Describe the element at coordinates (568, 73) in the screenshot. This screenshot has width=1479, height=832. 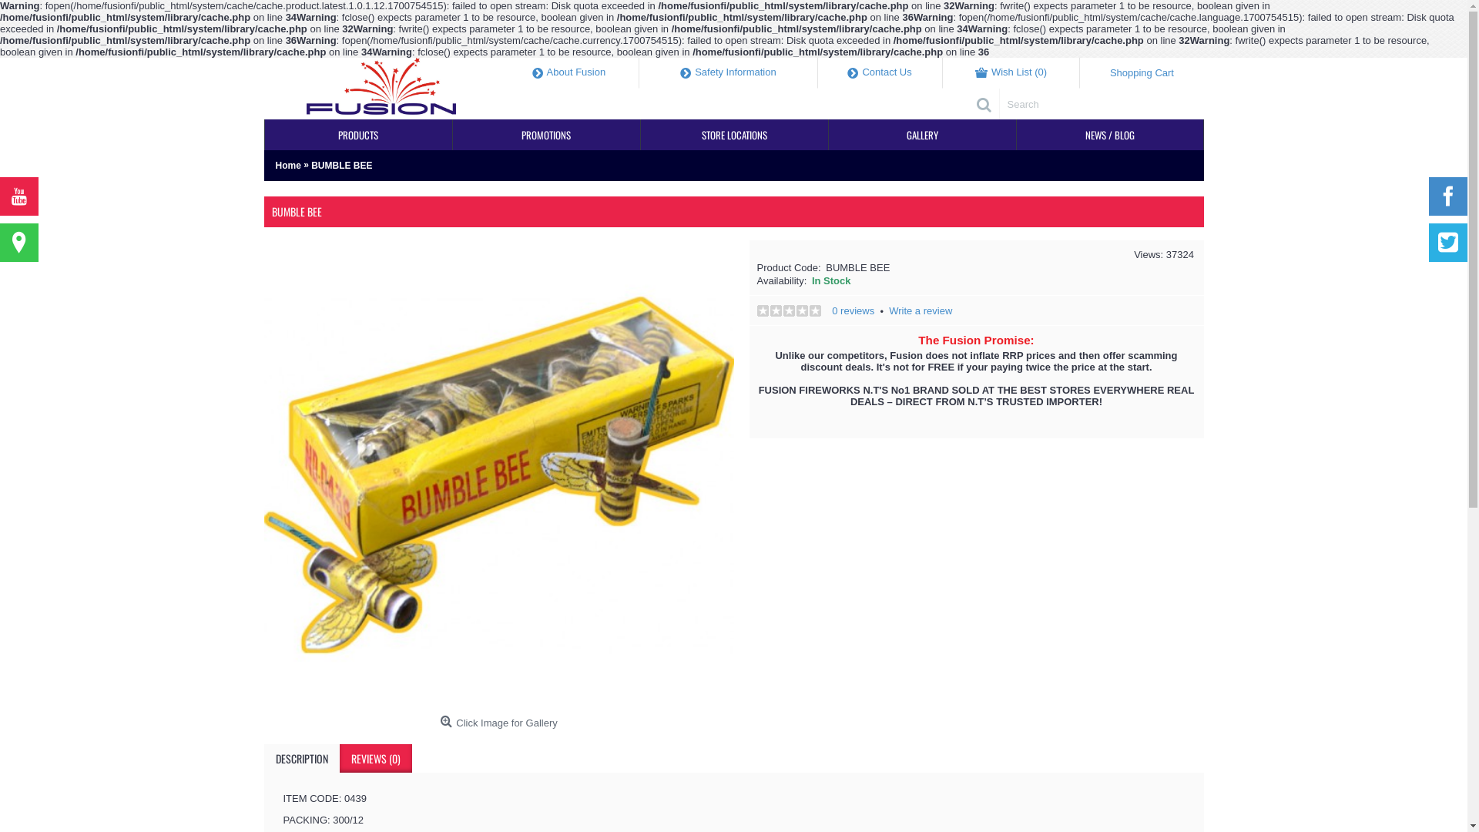
I see `'About Fusion'` at that location.